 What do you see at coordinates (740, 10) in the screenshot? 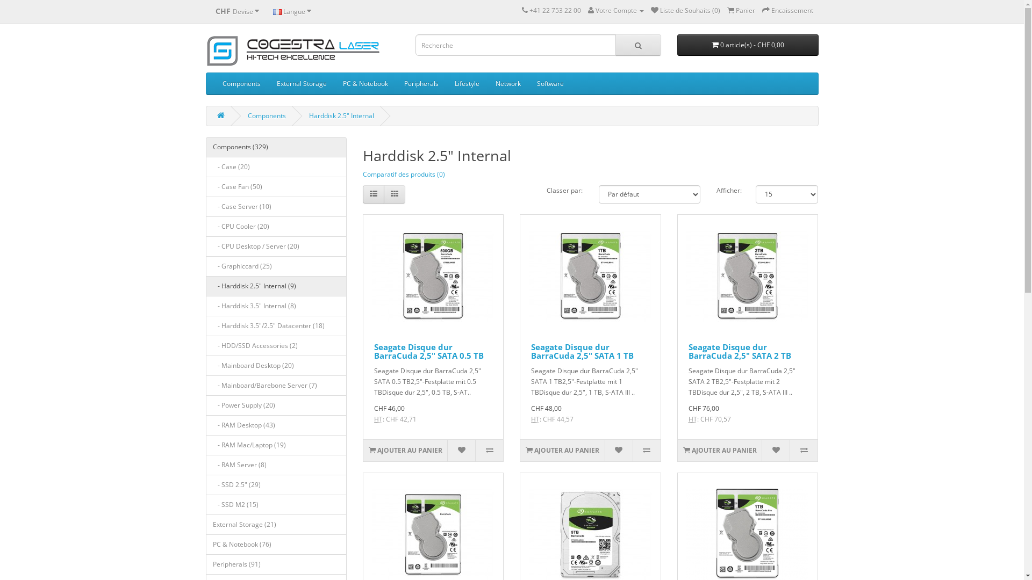
I see `'Panier'` at bounding box center [740, 10].